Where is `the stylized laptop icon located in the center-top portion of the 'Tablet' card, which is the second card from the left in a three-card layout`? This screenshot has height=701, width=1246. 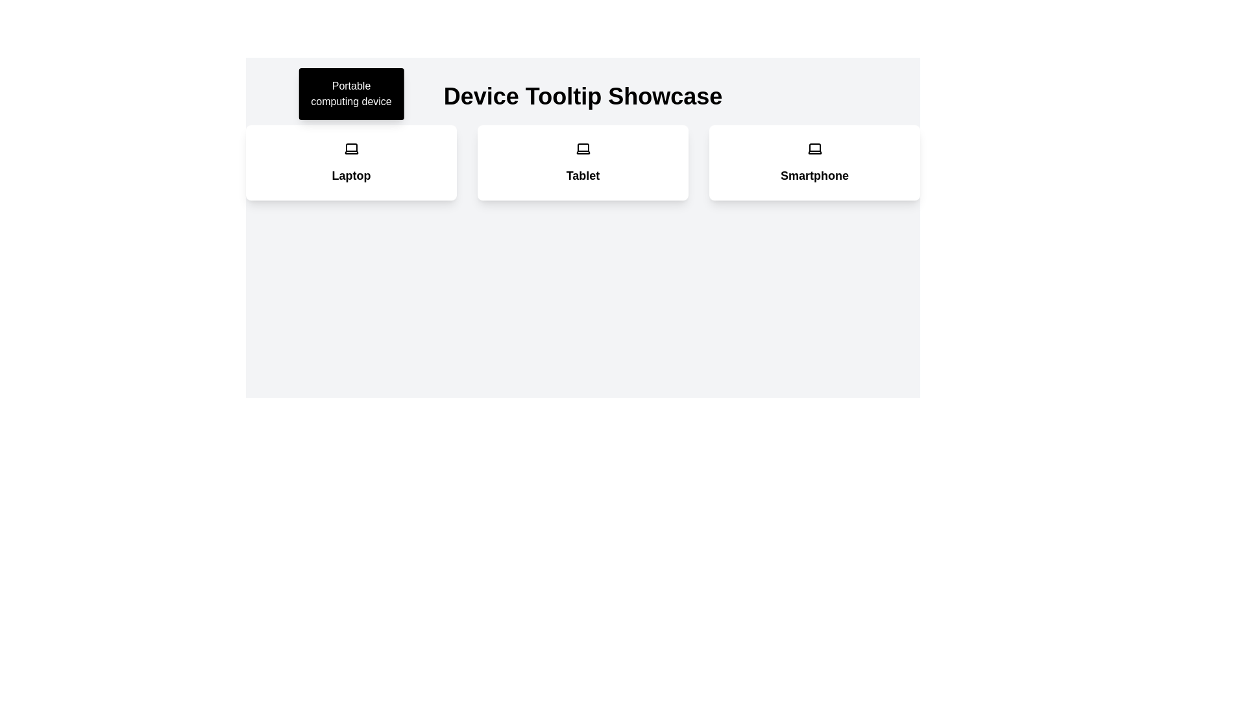
the stylized laptop icon located in the center-top portion of the 'Tablet' card, which is the second card from the left in a three-card layout is located at coordinates (582, 147).